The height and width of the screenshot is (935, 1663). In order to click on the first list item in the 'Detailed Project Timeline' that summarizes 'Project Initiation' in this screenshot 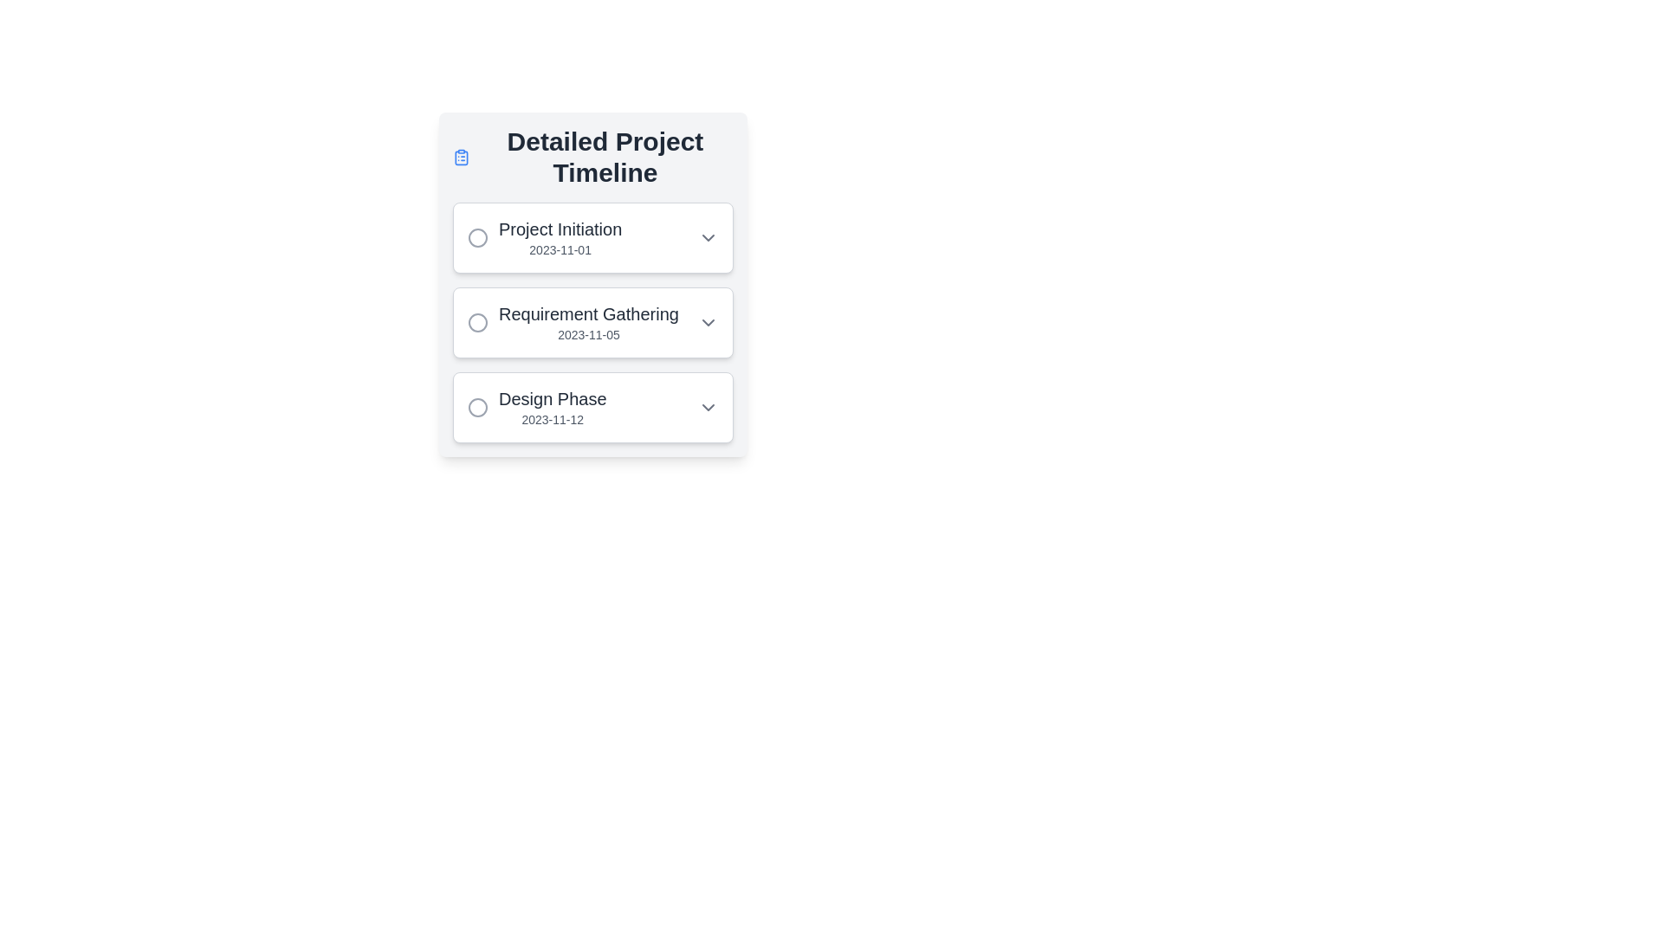, I will do `click(593, 237)`.